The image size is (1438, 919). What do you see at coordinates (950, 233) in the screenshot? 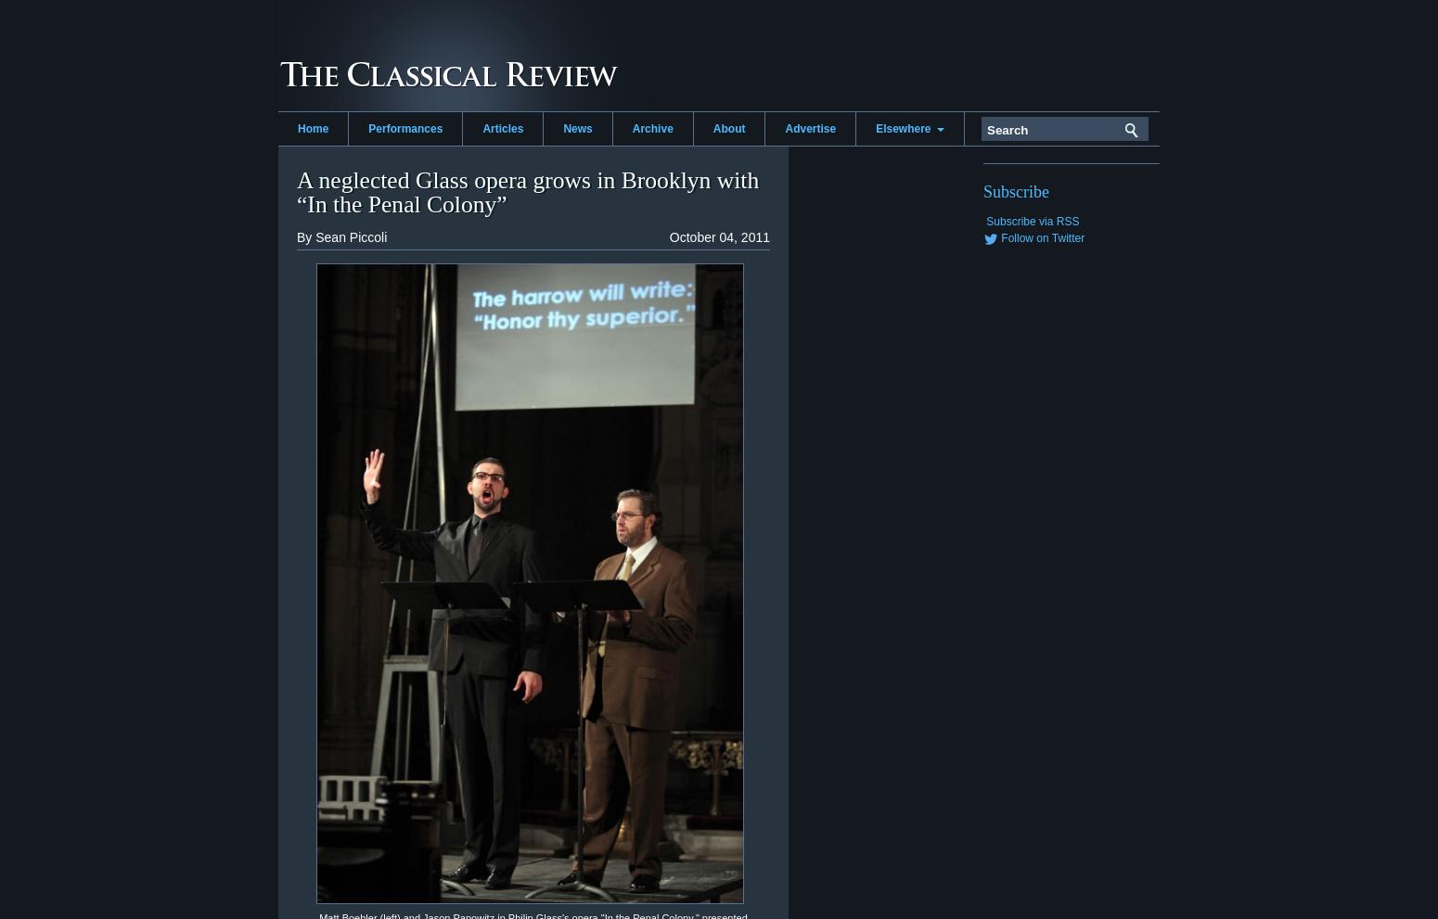
I see `'South Florida Classical Review'` at bounding box center [950, 233].